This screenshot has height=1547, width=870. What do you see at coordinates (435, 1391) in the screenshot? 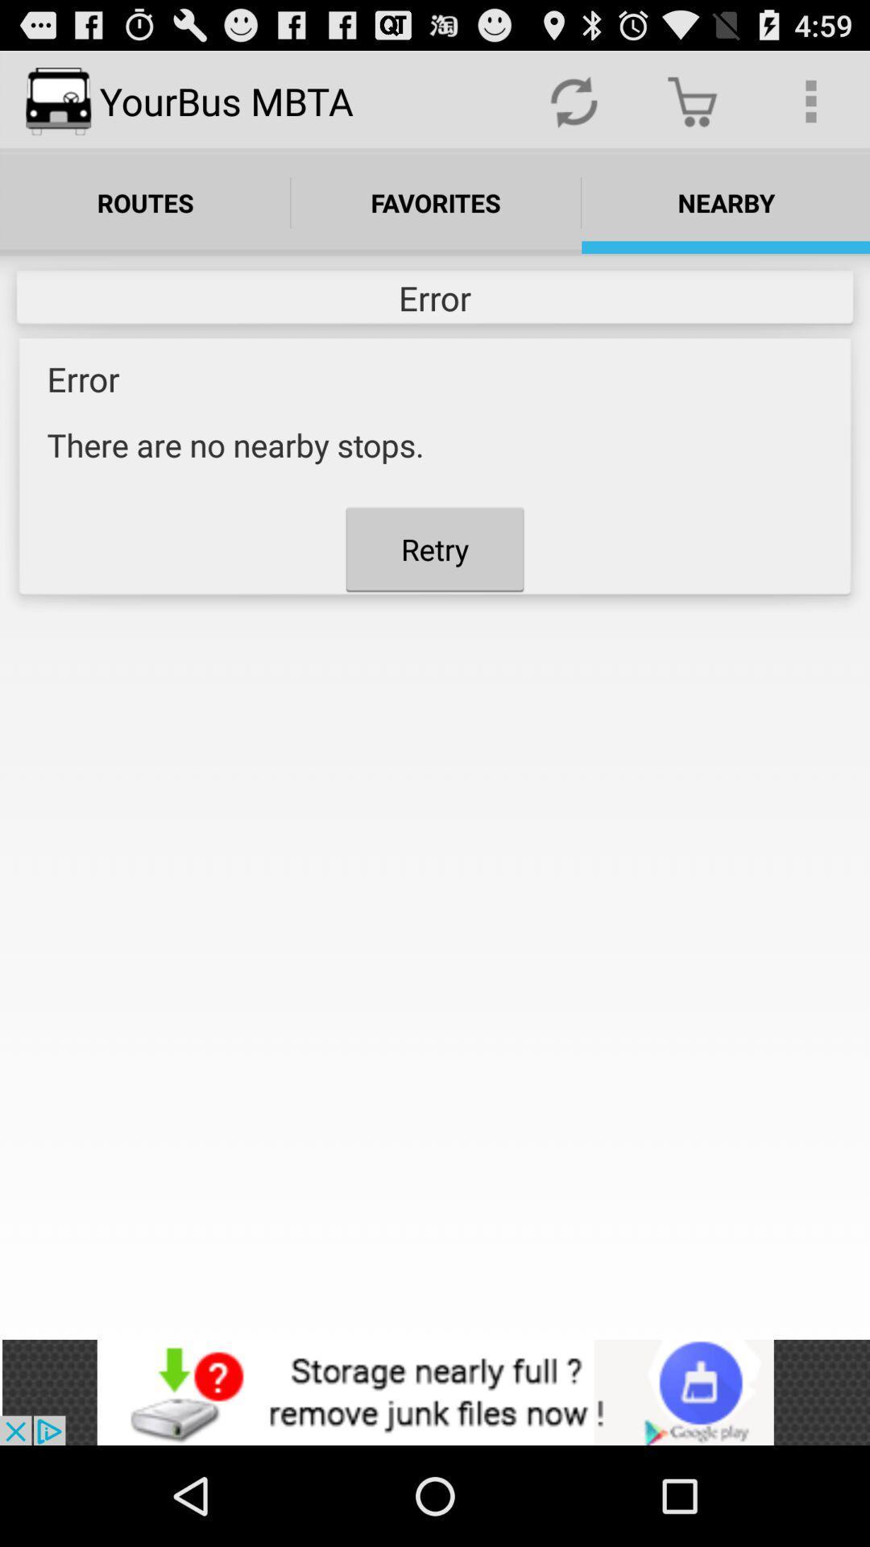
I see `open advertisement` at bounding box center [435, 1391].